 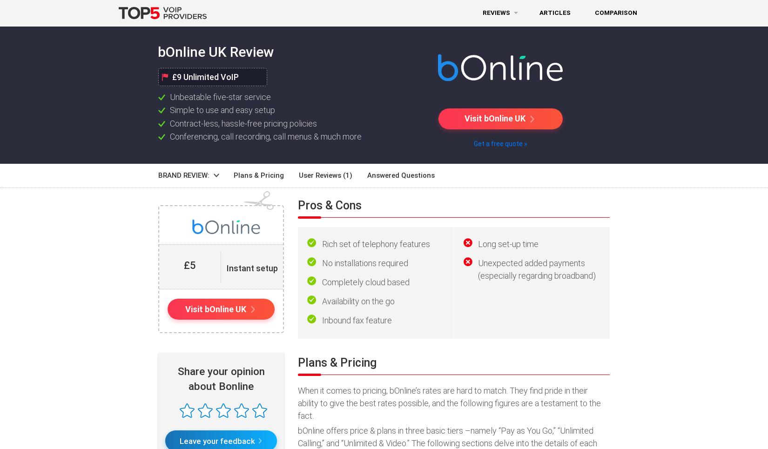 What do you see at coordinates (243, 123) in the screenshot?
I see `'Contract-less, hassle-free pricing policies'` at bounding box center [243, 123].